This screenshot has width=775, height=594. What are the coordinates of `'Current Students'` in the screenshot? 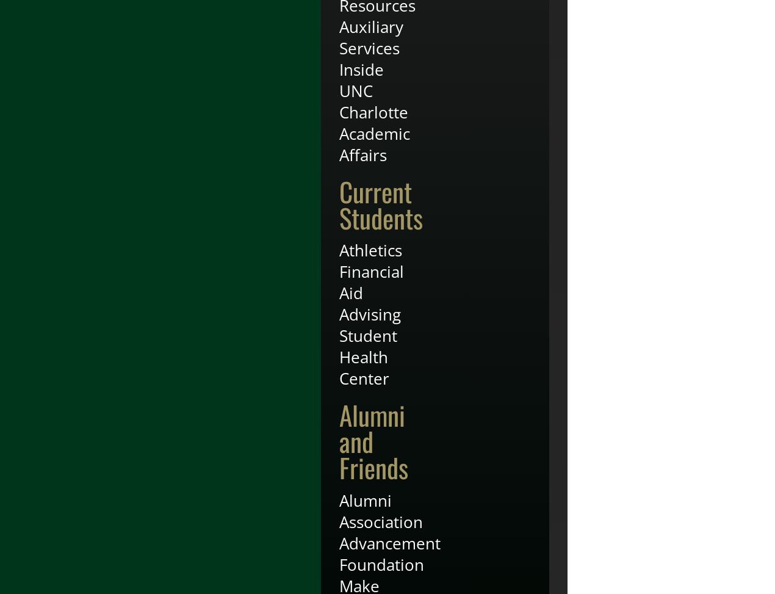 It's located at (381, 203).